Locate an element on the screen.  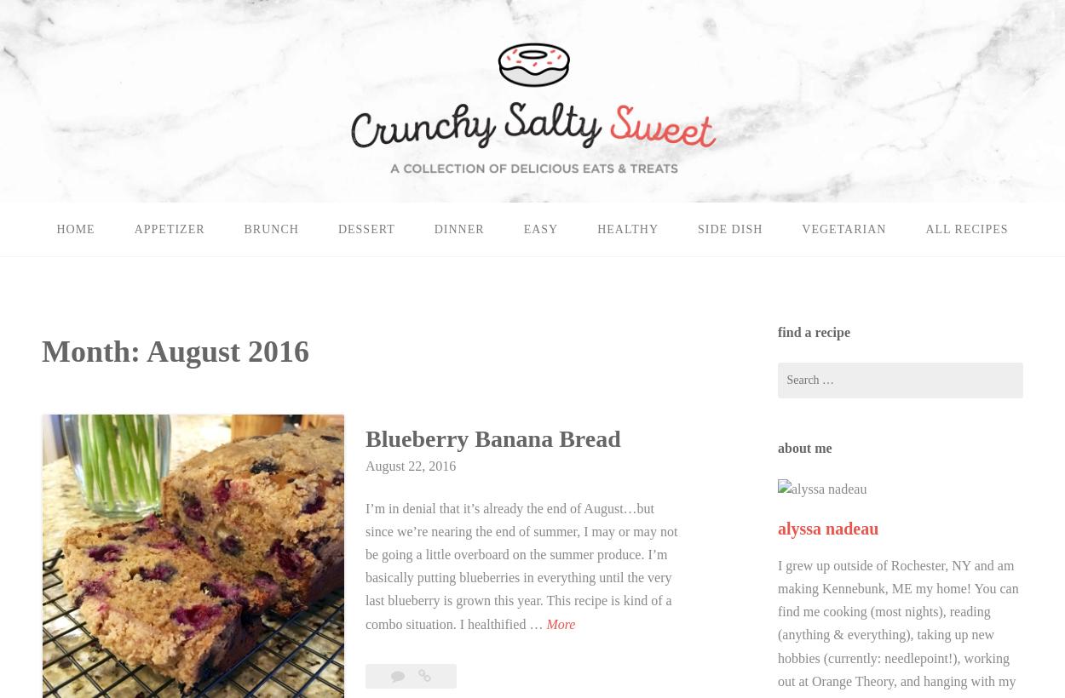
'vegetarian' is located at coordinates (843, 229).